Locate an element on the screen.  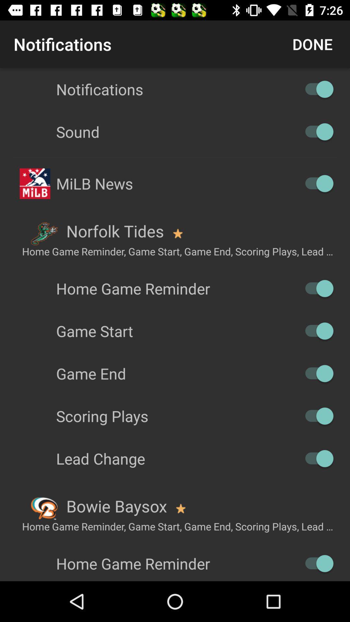
autoplay option is located at coordinates (316, 331).